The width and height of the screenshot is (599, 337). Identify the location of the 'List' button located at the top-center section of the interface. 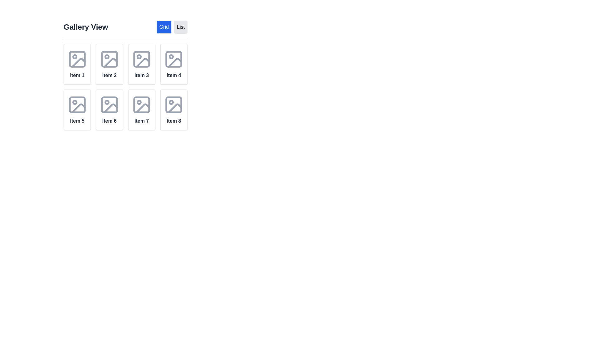
(180, 27).